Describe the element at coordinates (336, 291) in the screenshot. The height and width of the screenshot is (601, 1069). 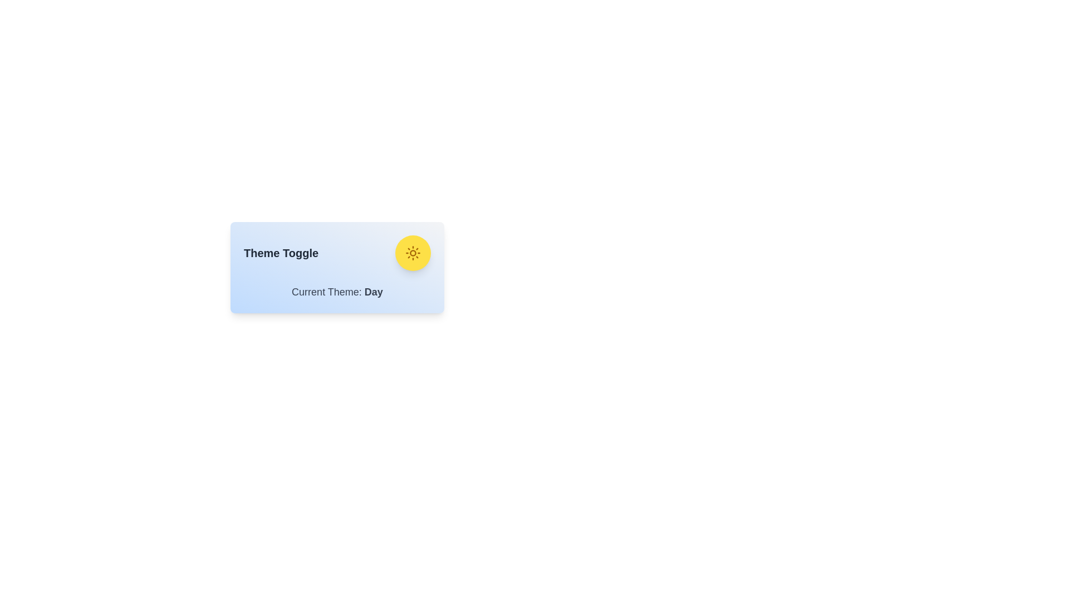
I see `the text element that displays the current theme` at that location.